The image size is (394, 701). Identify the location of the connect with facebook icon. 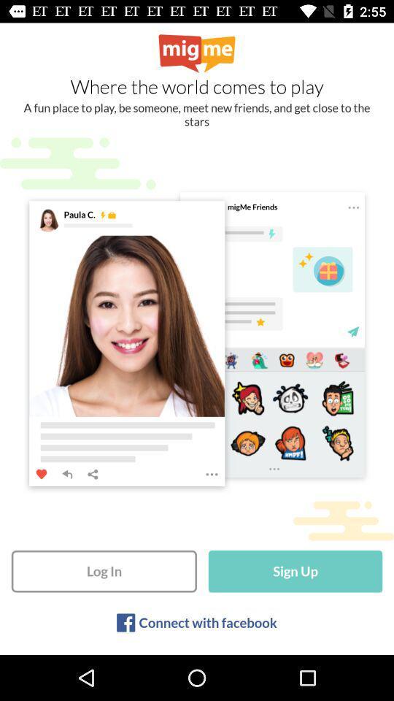
(207, 621).